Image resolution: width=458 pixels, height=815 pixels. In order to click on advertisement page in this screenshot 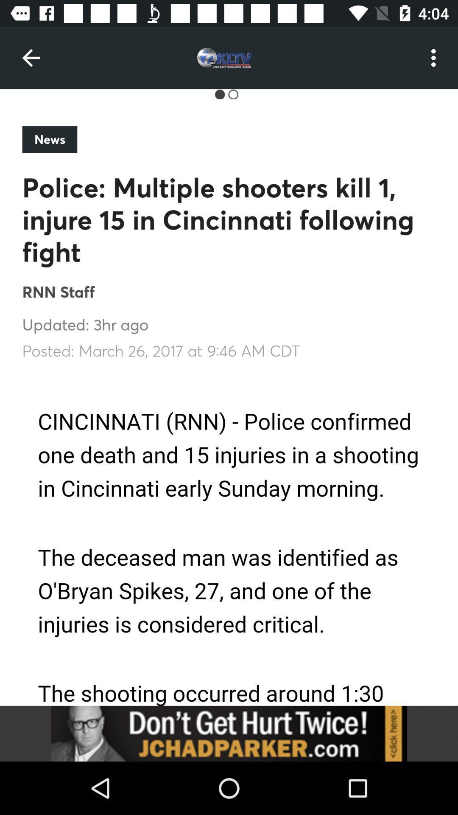, I will do `click(229, 539)`.